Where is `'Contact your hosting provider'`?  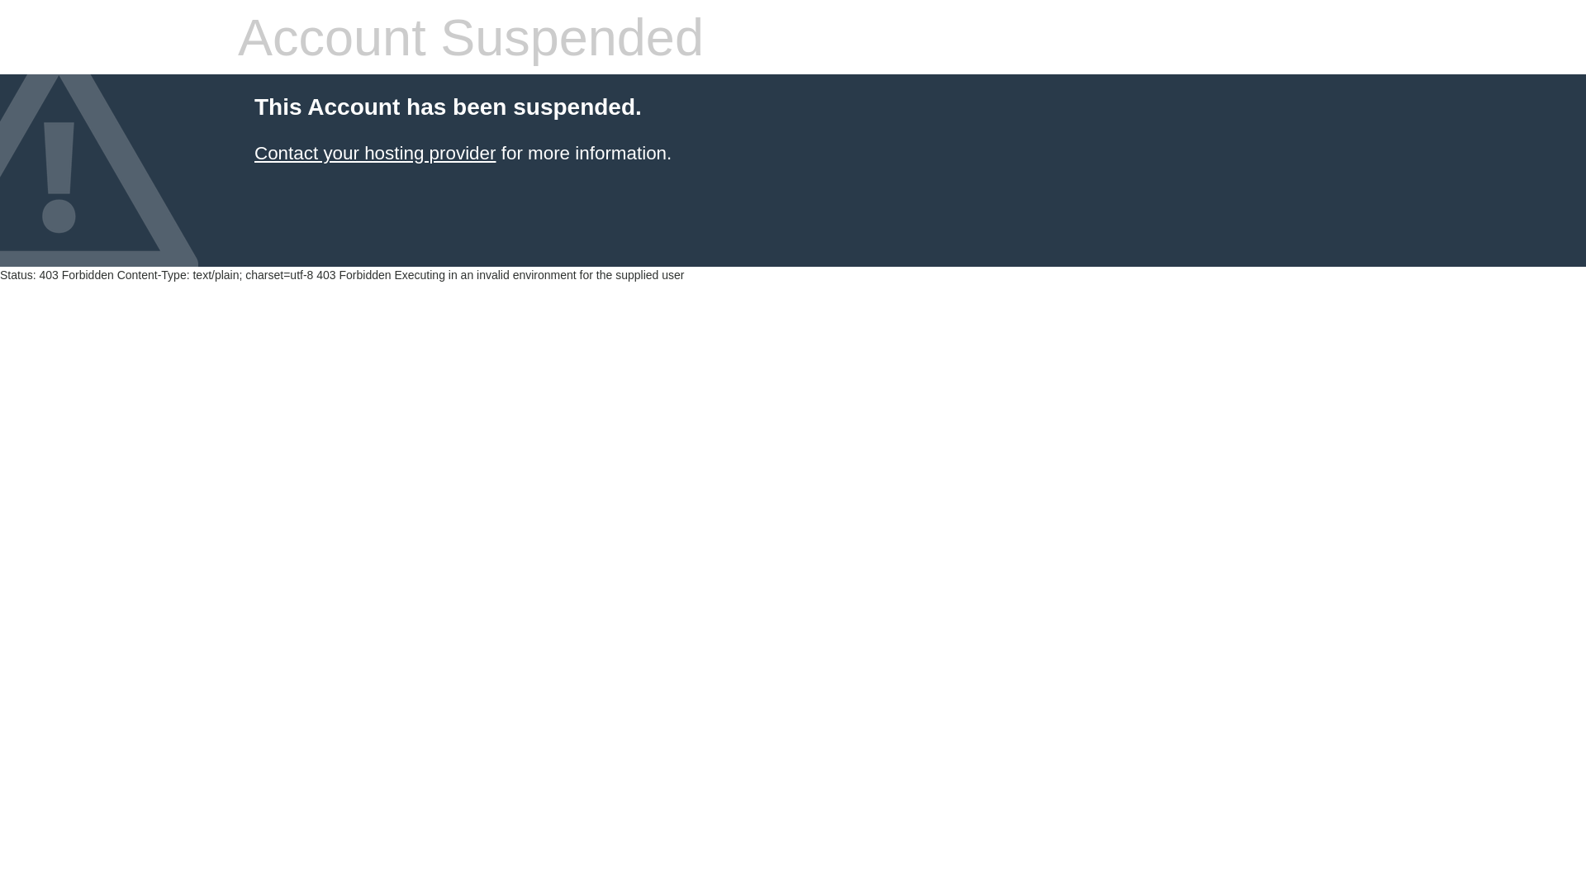
'Contact your hosting provider' is located at coordinates (374, 153).